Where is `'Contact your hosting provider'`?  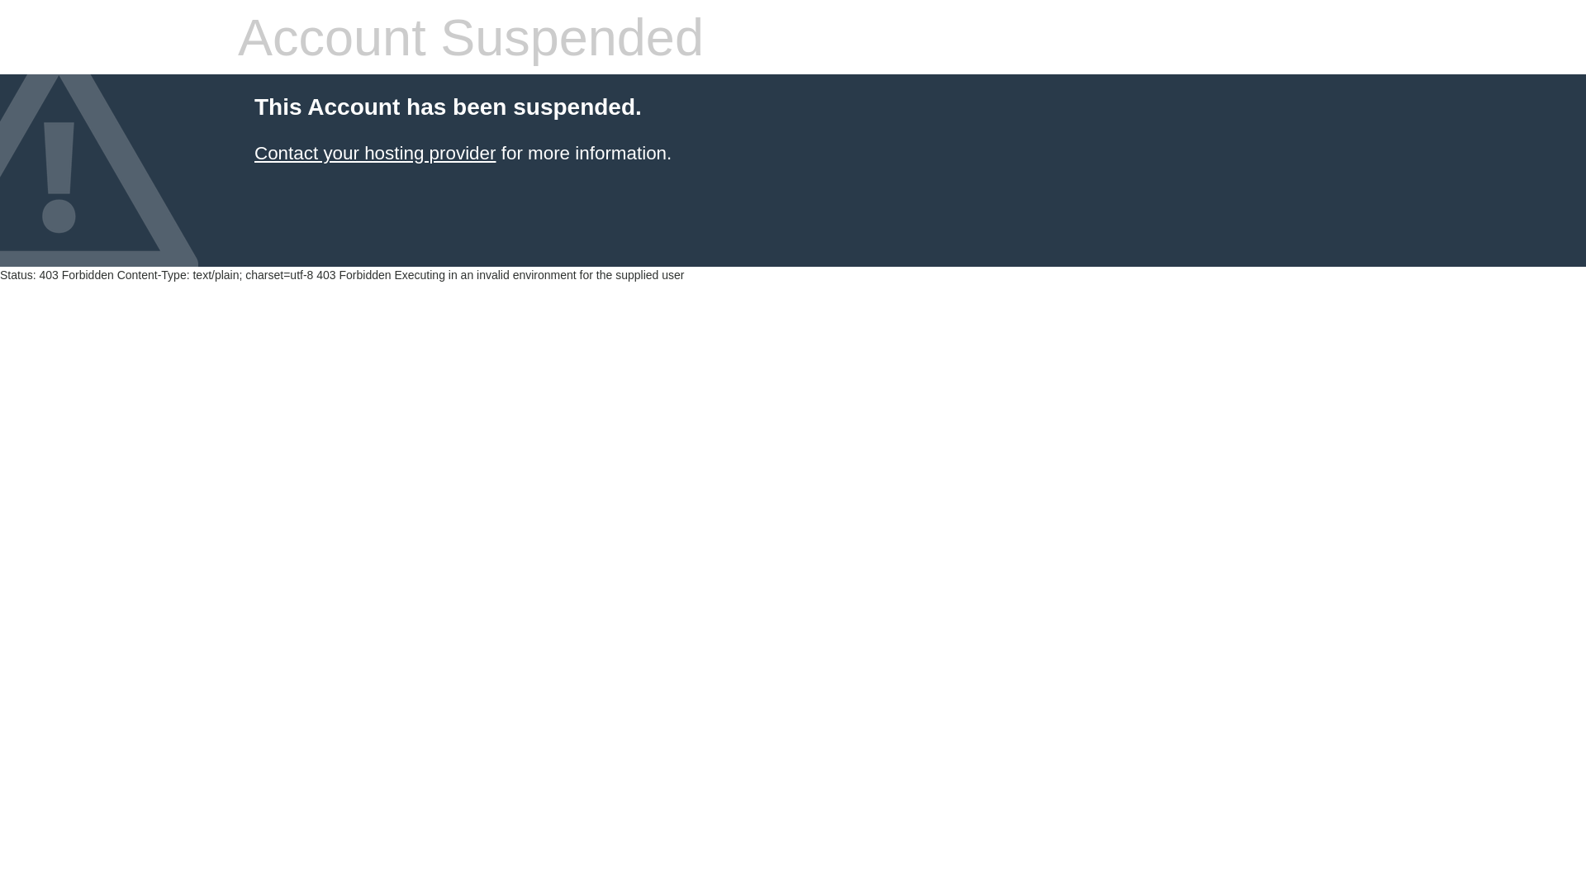
'Contact your hosting provider' is located at coordinates (374, 153).